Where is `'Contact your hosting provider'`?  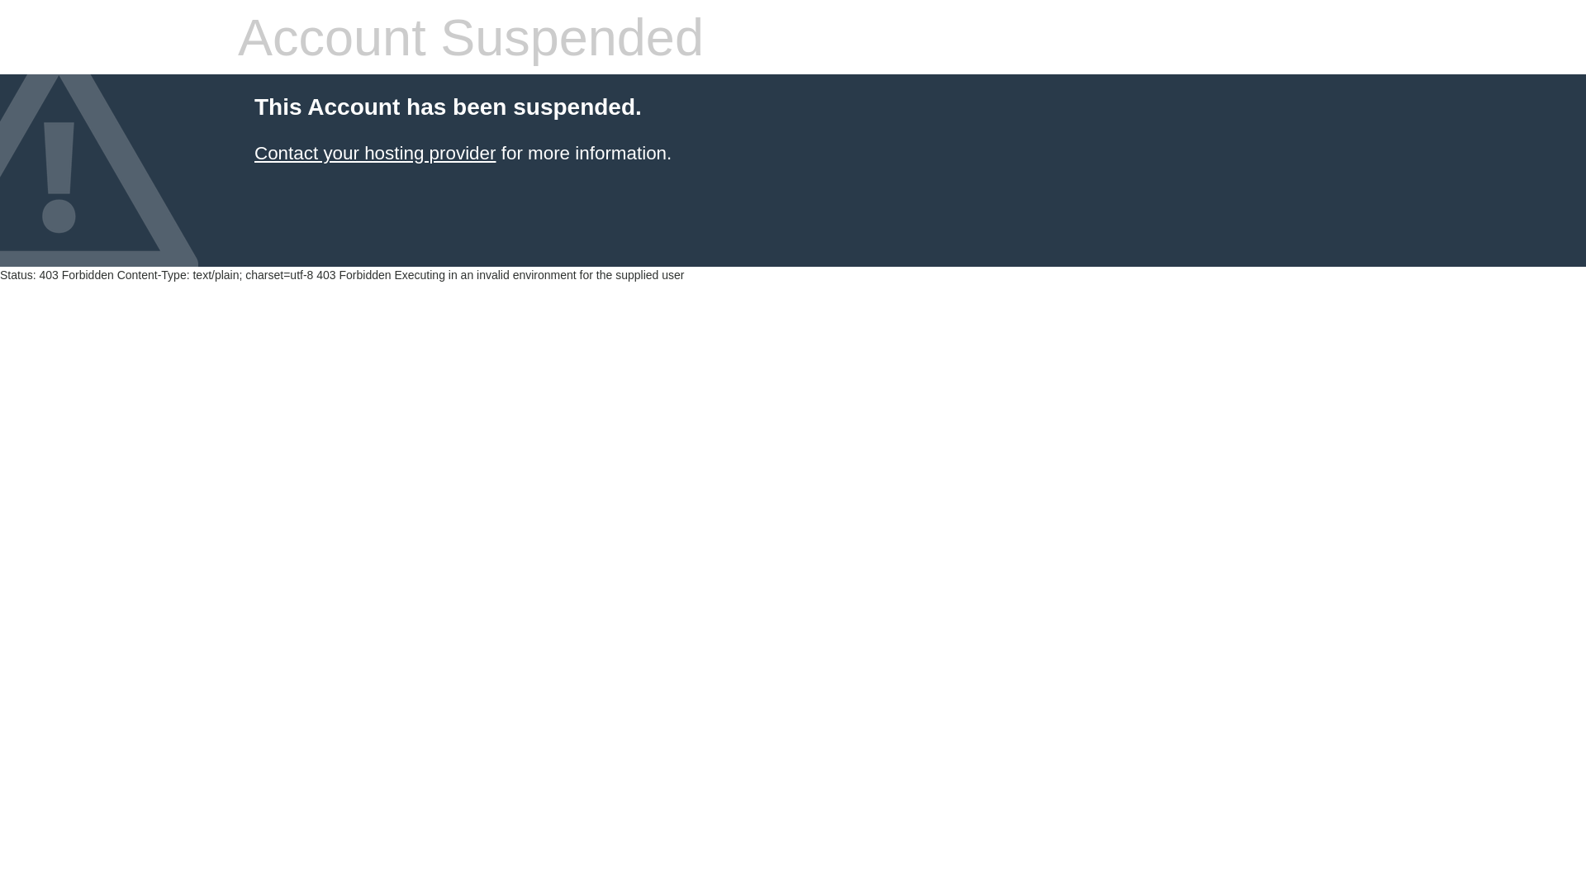
'Contact your hosting provider' is located at coordinates (374, 153).